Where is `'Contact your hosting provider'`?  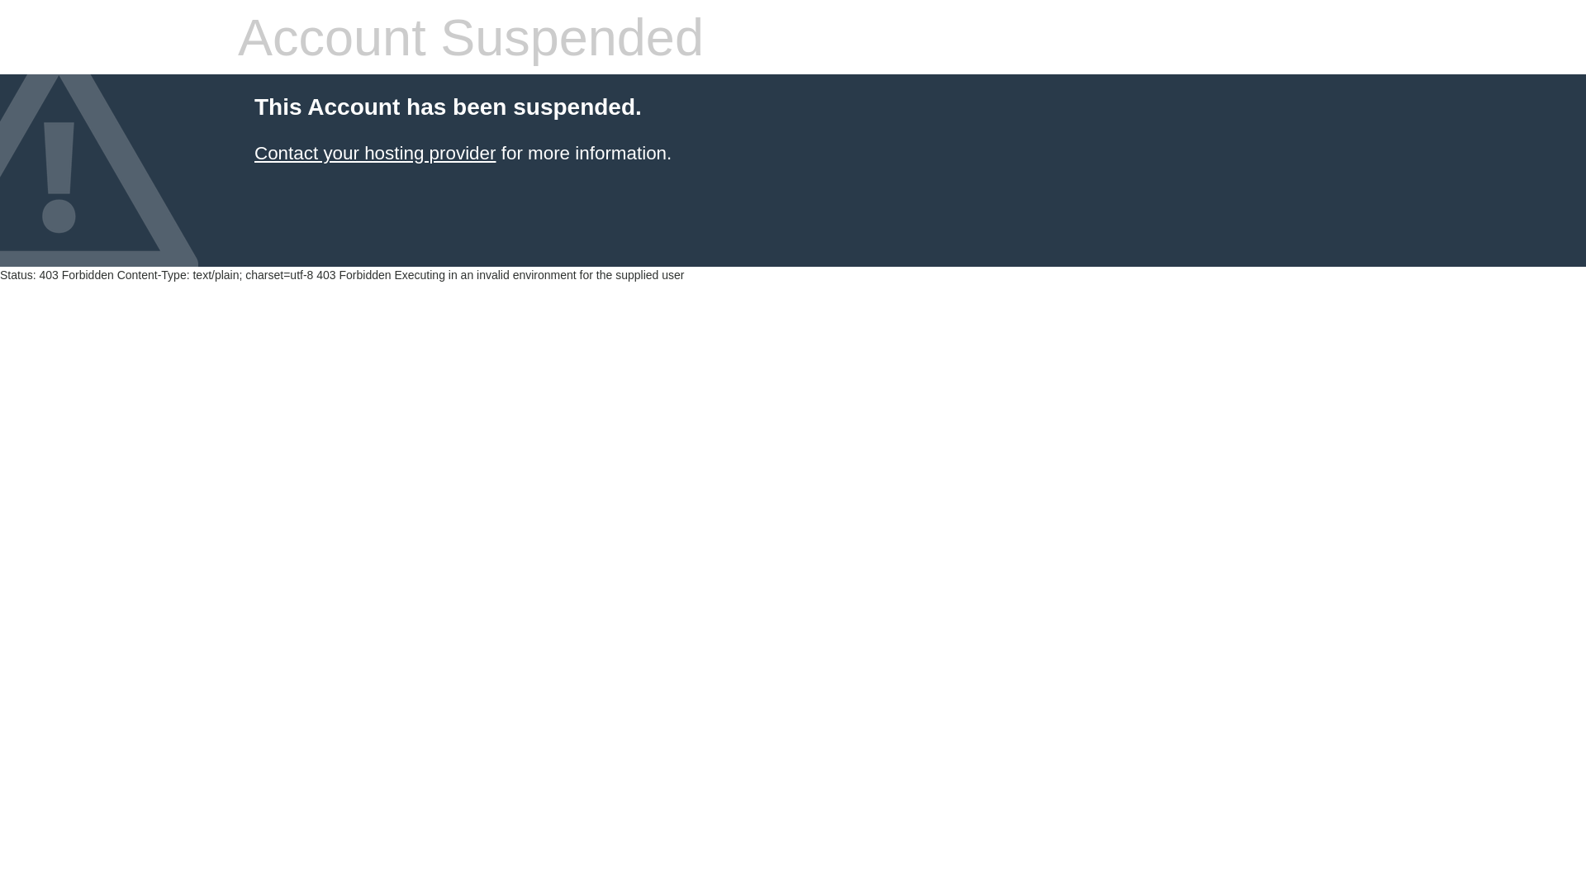
'Contact your hosting provider' is located at coordinates (374, 153).